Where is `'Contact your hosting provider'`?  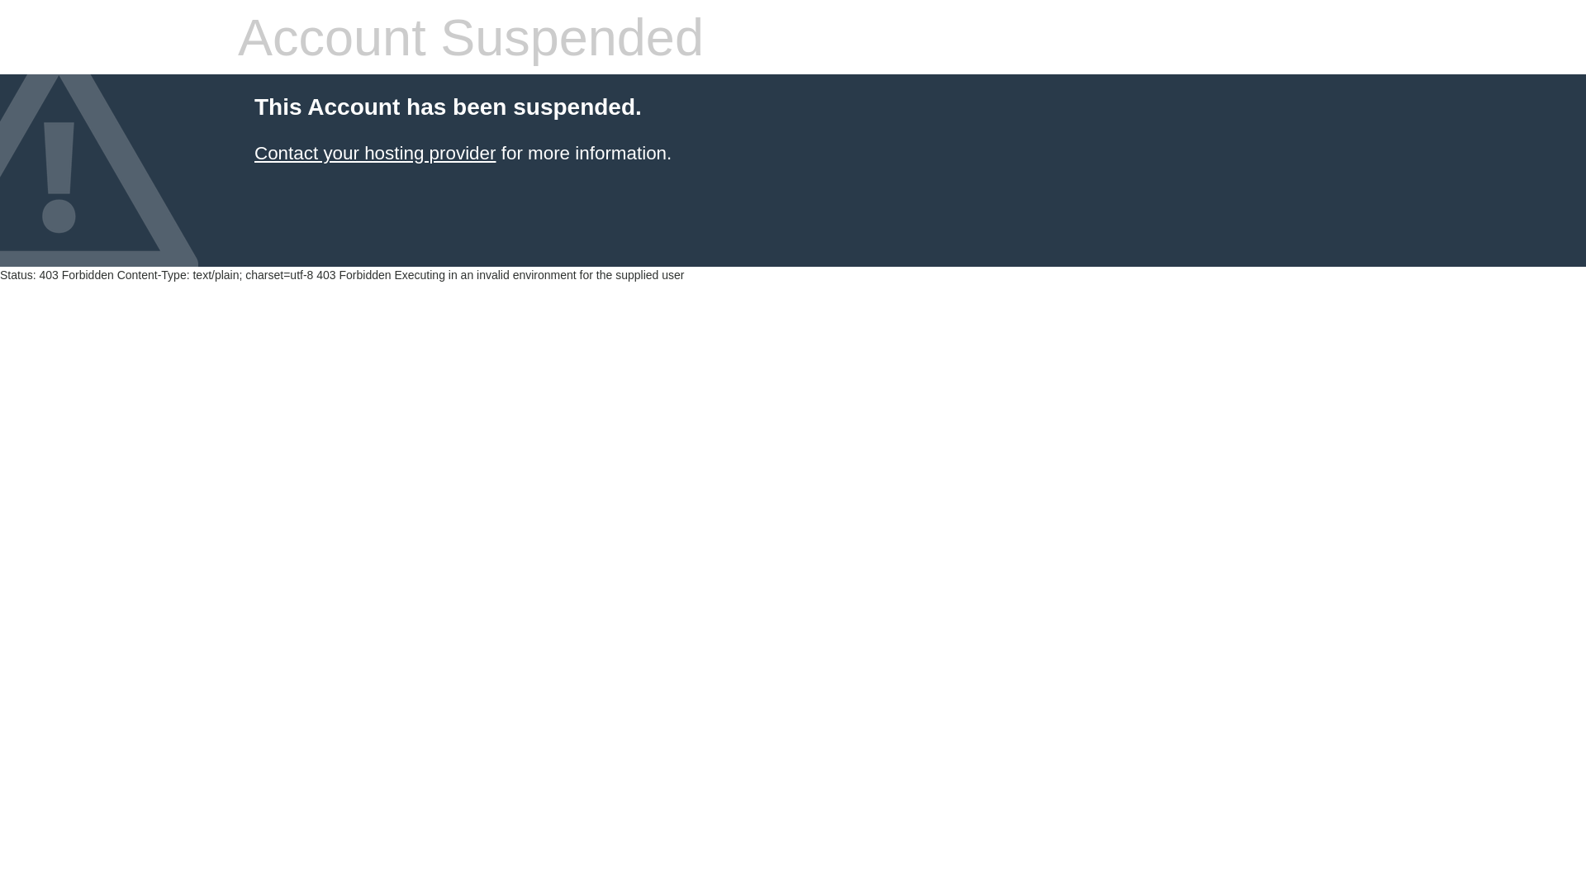
'Contact your hosting provider' is located at coordinates (374, 153).